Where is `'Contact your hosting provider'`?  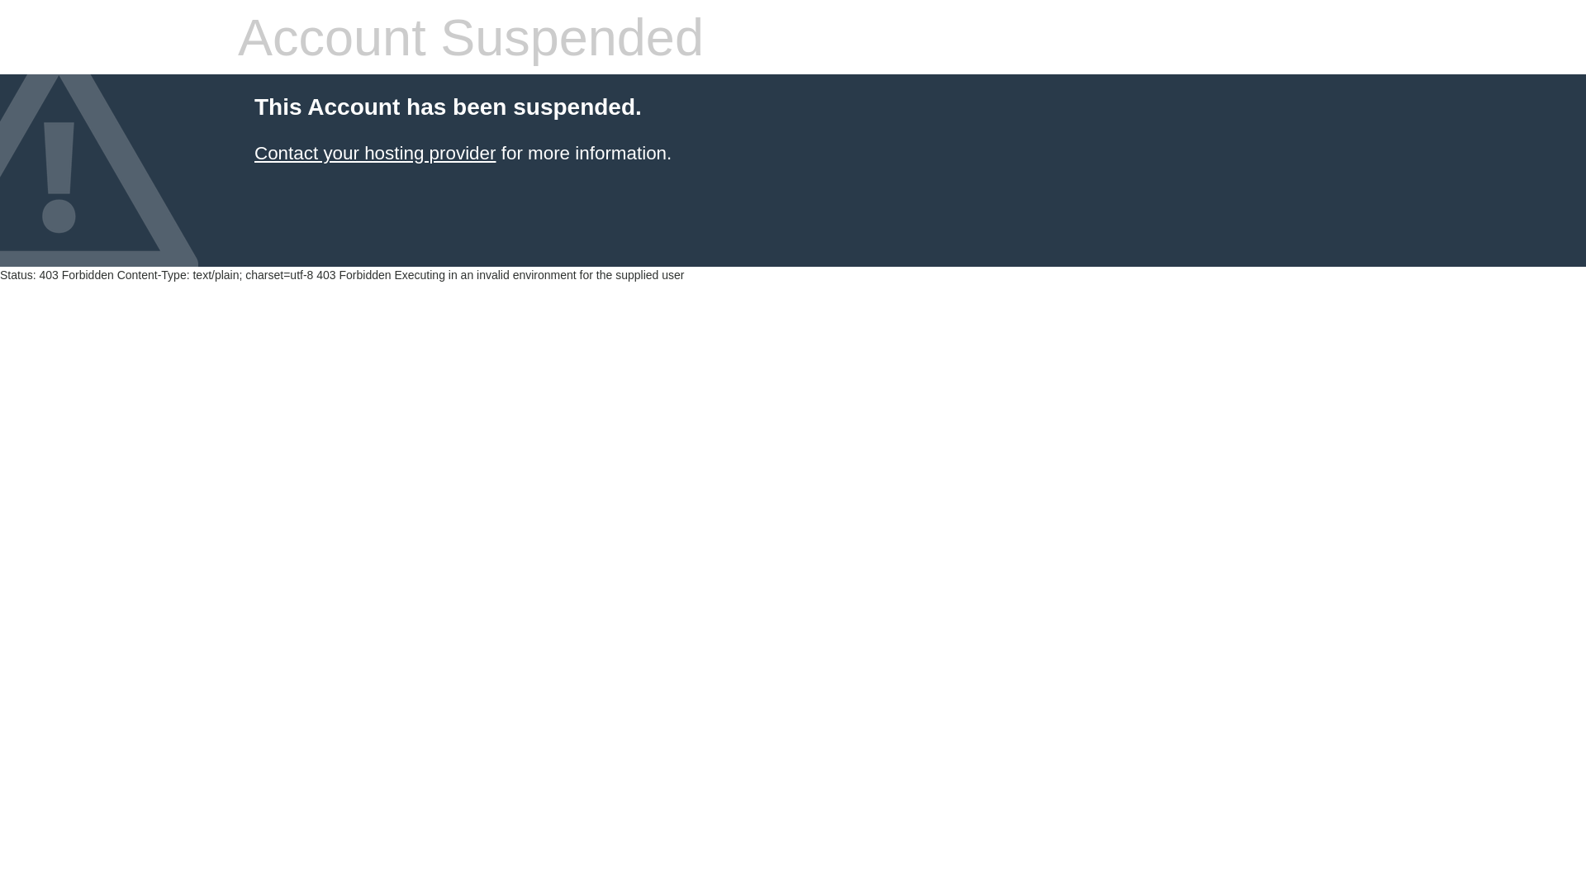
'Contact your hosting provider' is located at coordinates (374, 153).